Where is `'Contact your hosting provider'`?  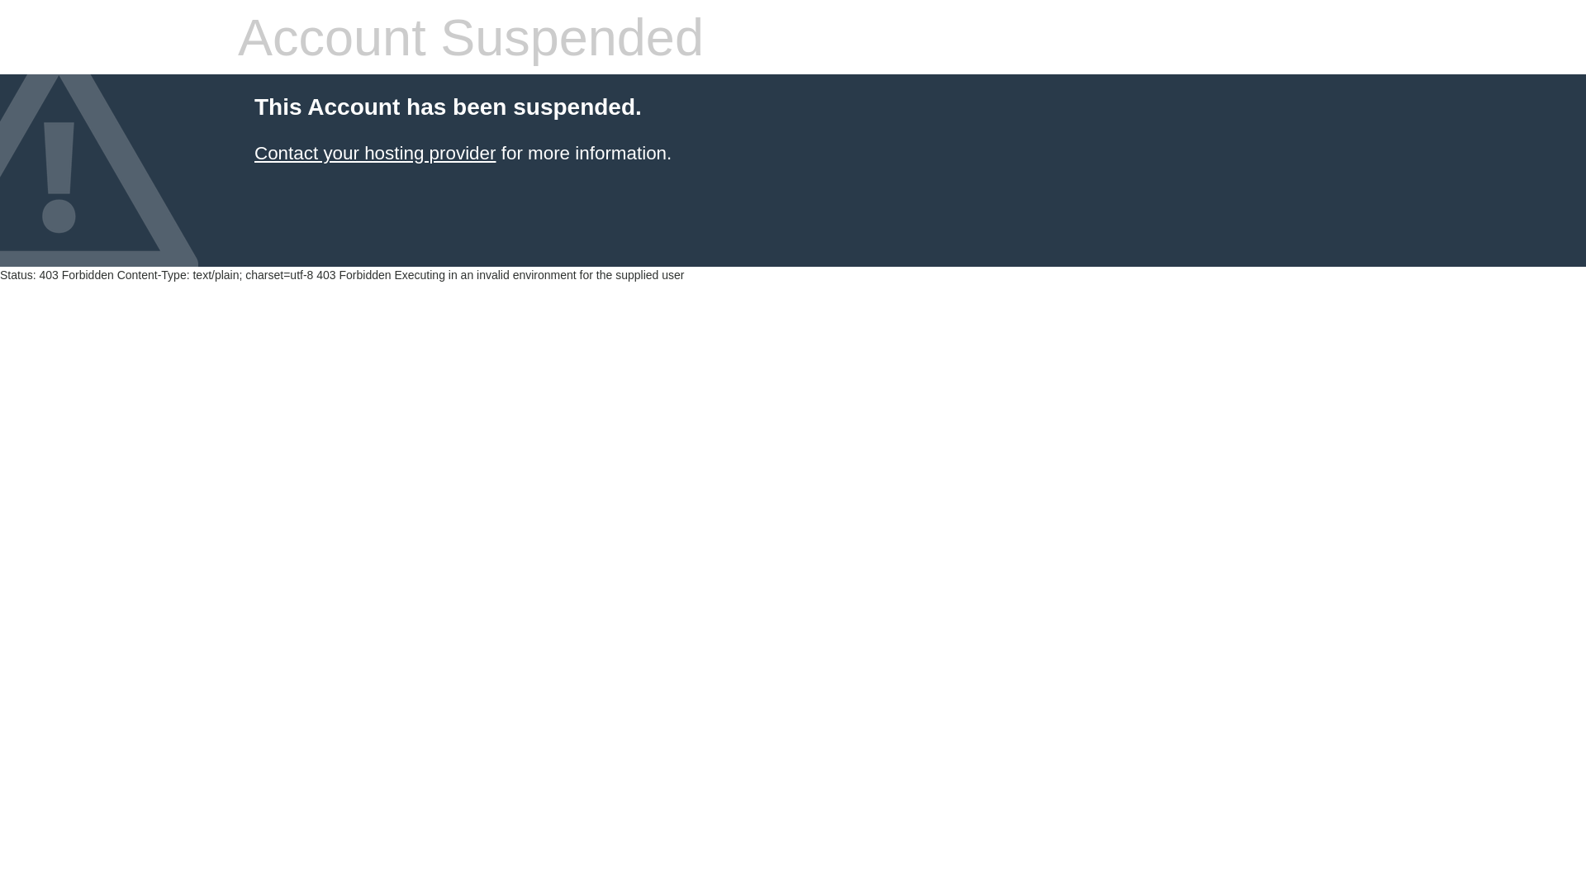
'Contact your hosting provider' is located at coordinates (374, 153).